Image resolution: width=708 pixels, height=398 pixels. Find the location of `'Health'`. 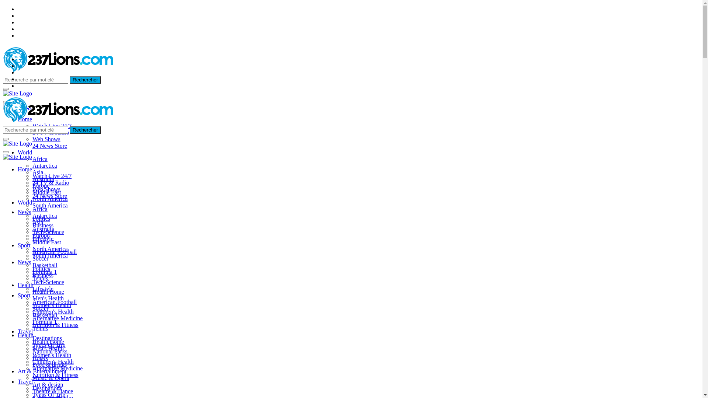

'Health' is located at coordinates (18, 335).